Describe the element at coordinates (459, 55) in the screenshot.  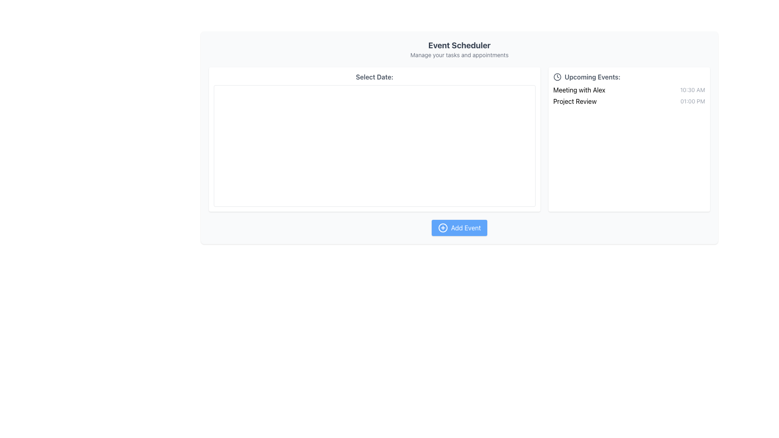
I see `the label displaying 'Manage your tasks and appointments', which is located beneath the main heading 'Event Scheduler' in muted gray font` at that location.